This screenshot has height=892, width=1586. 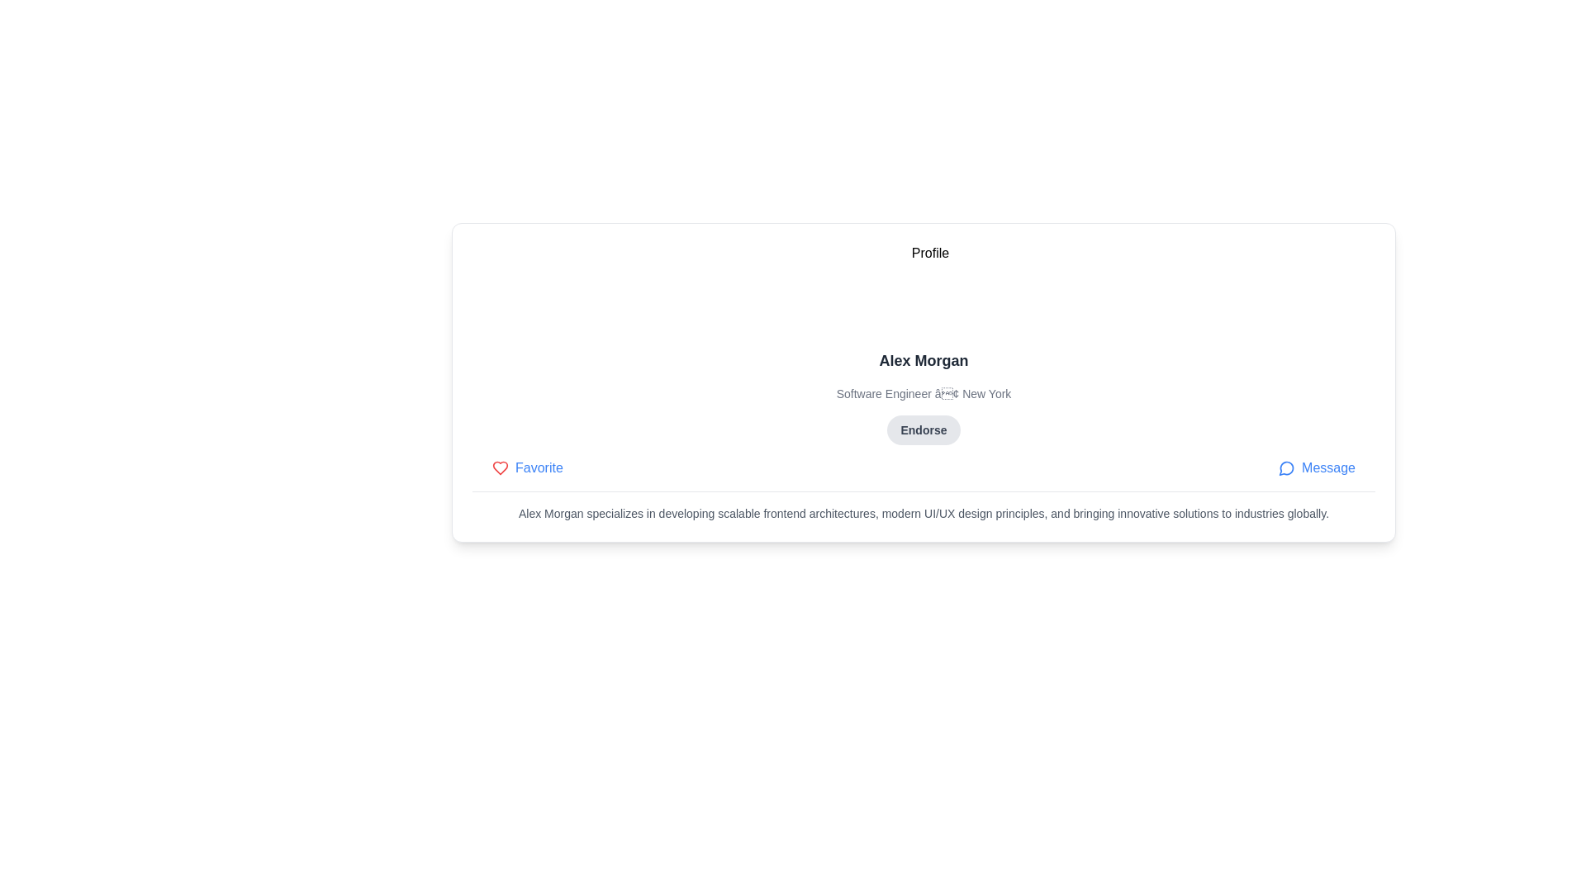 I want to click on the small circular blue message icon located to the right of the 'Message' text, so click(x=1286, y=468).